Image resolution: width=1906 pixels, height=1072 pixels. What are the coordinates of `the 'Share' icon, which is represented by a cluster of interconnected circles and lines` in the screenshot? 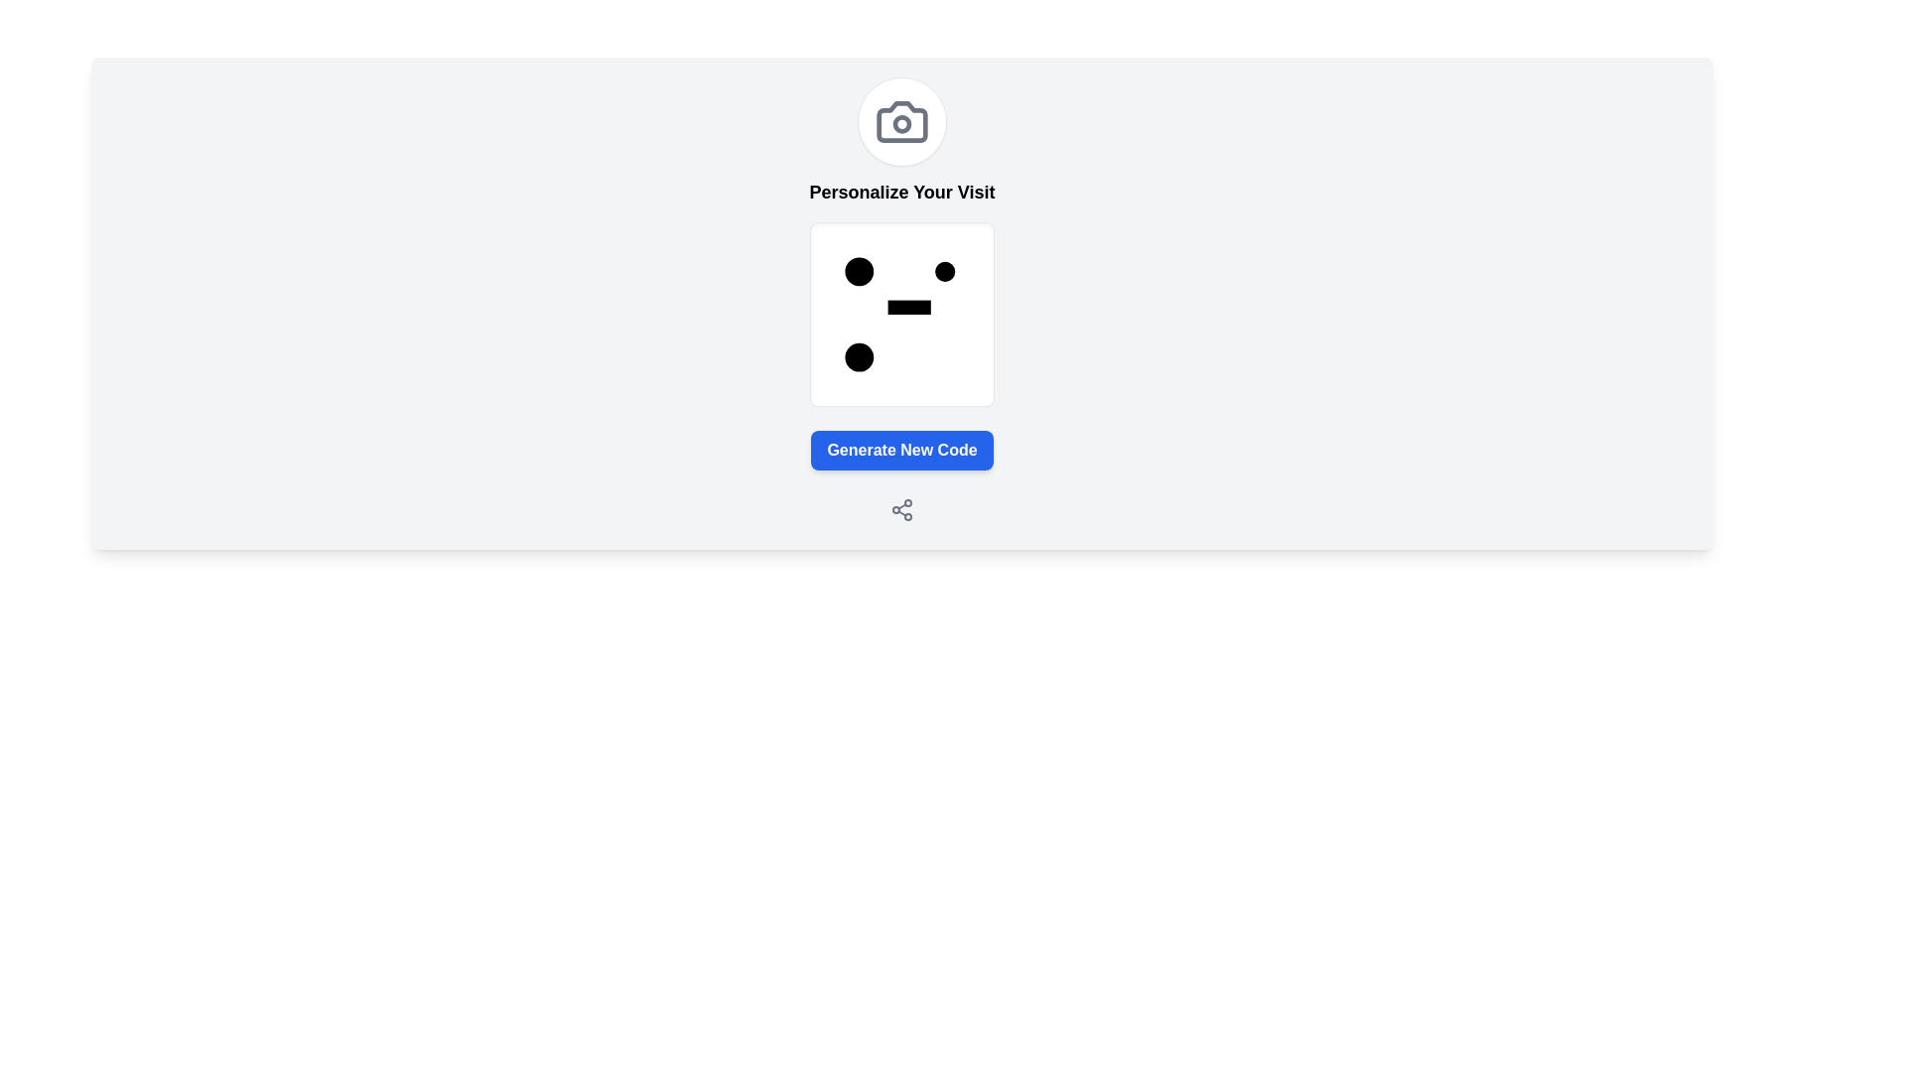 It's located at (900, 508).